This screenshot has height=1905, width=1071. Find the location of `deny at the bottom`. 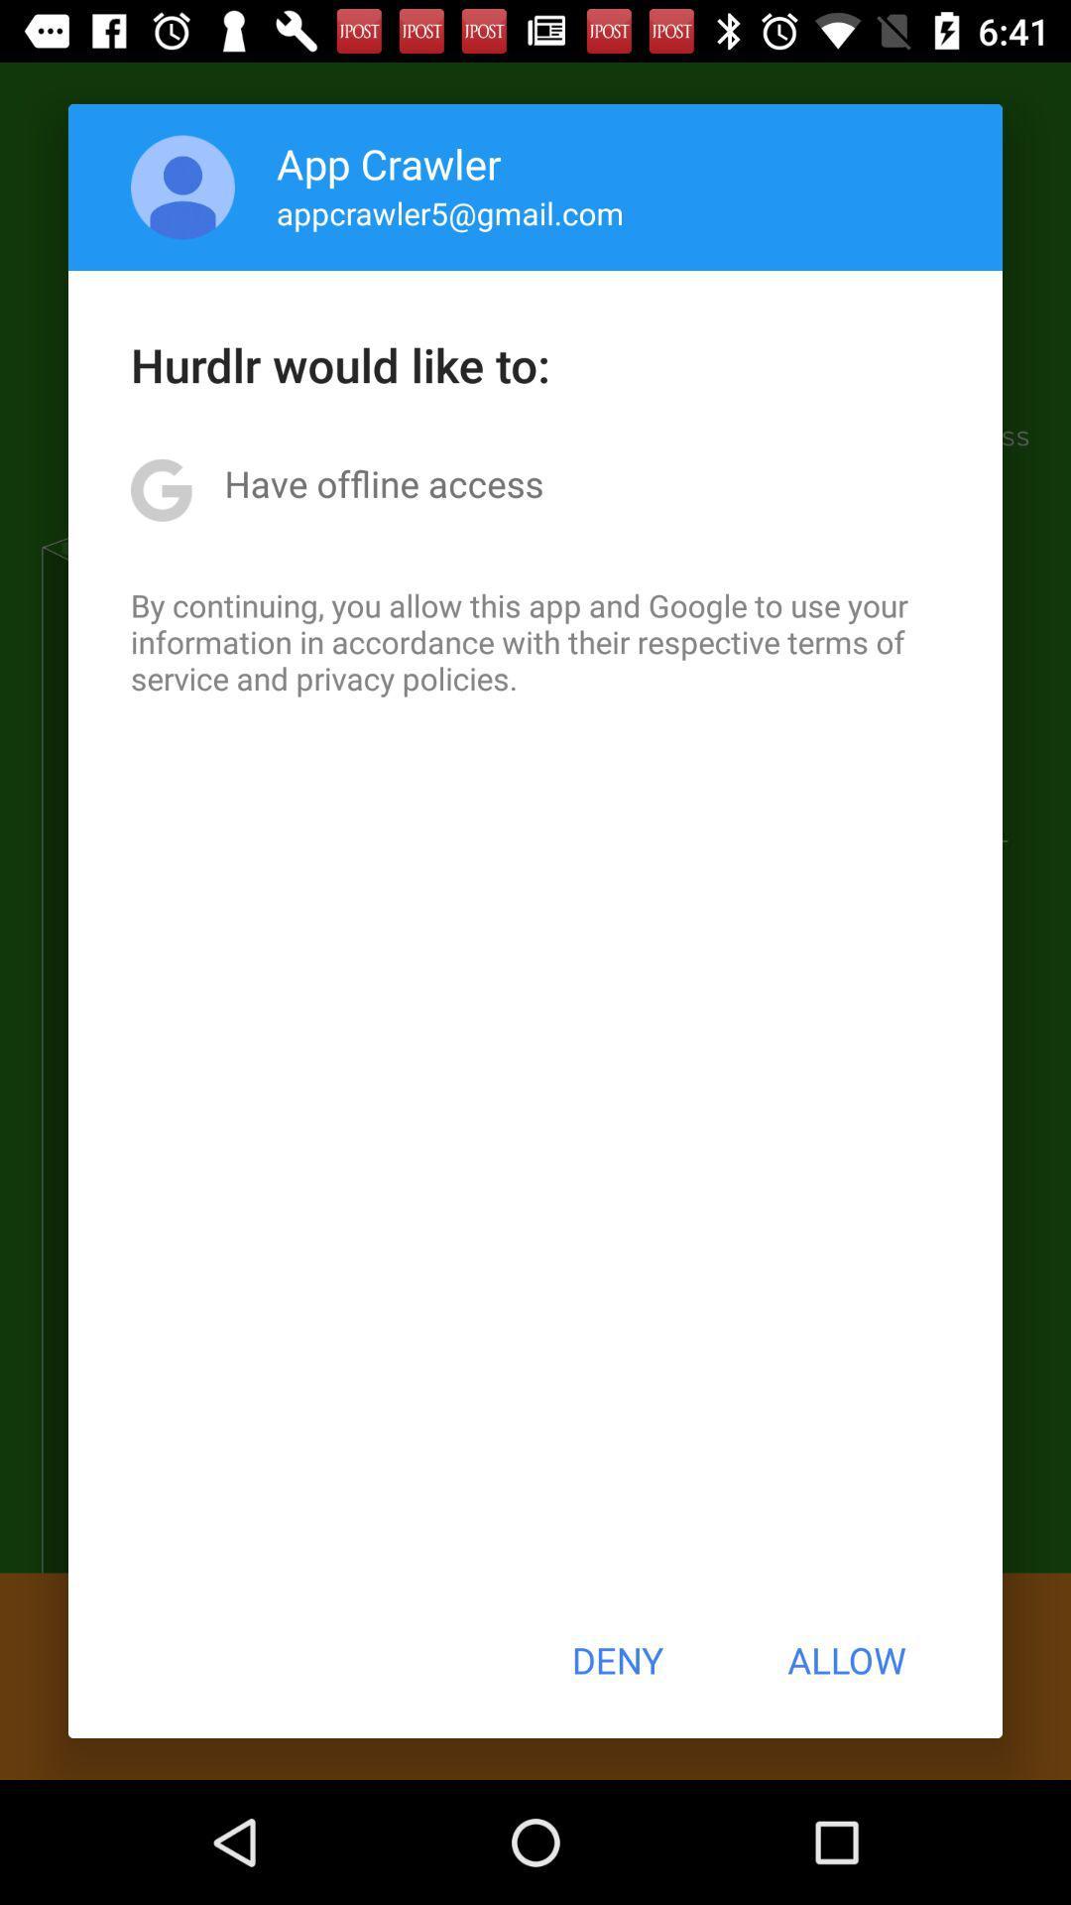

deny at the bottom is located at coordinates (616, 1660).